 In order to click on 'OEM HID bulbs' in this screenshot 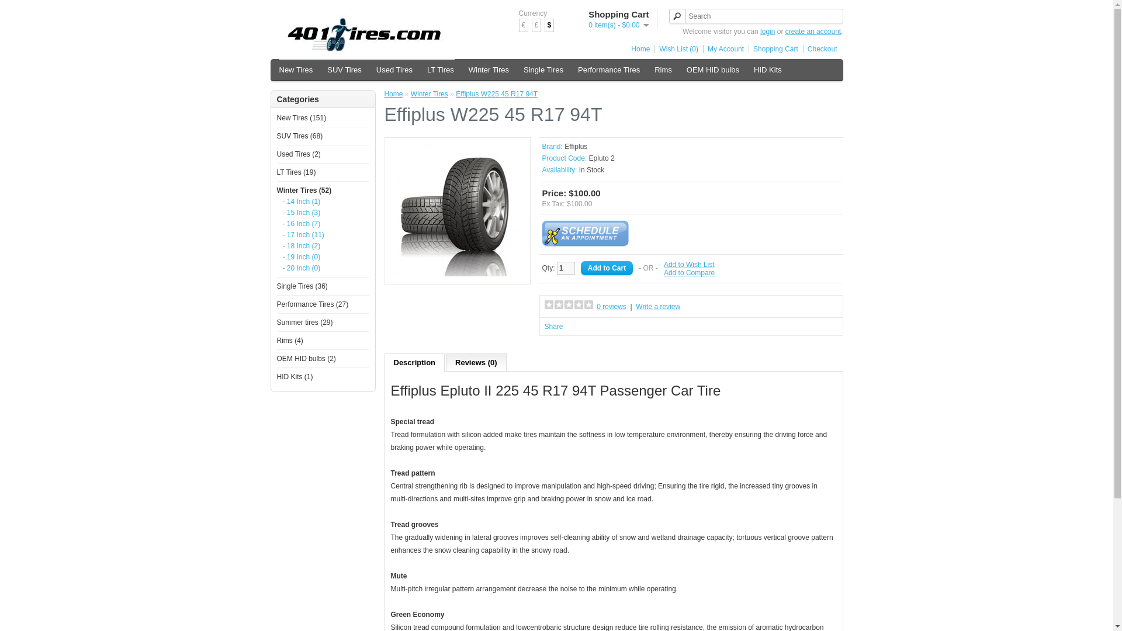, I will do `click(712, 70)`.